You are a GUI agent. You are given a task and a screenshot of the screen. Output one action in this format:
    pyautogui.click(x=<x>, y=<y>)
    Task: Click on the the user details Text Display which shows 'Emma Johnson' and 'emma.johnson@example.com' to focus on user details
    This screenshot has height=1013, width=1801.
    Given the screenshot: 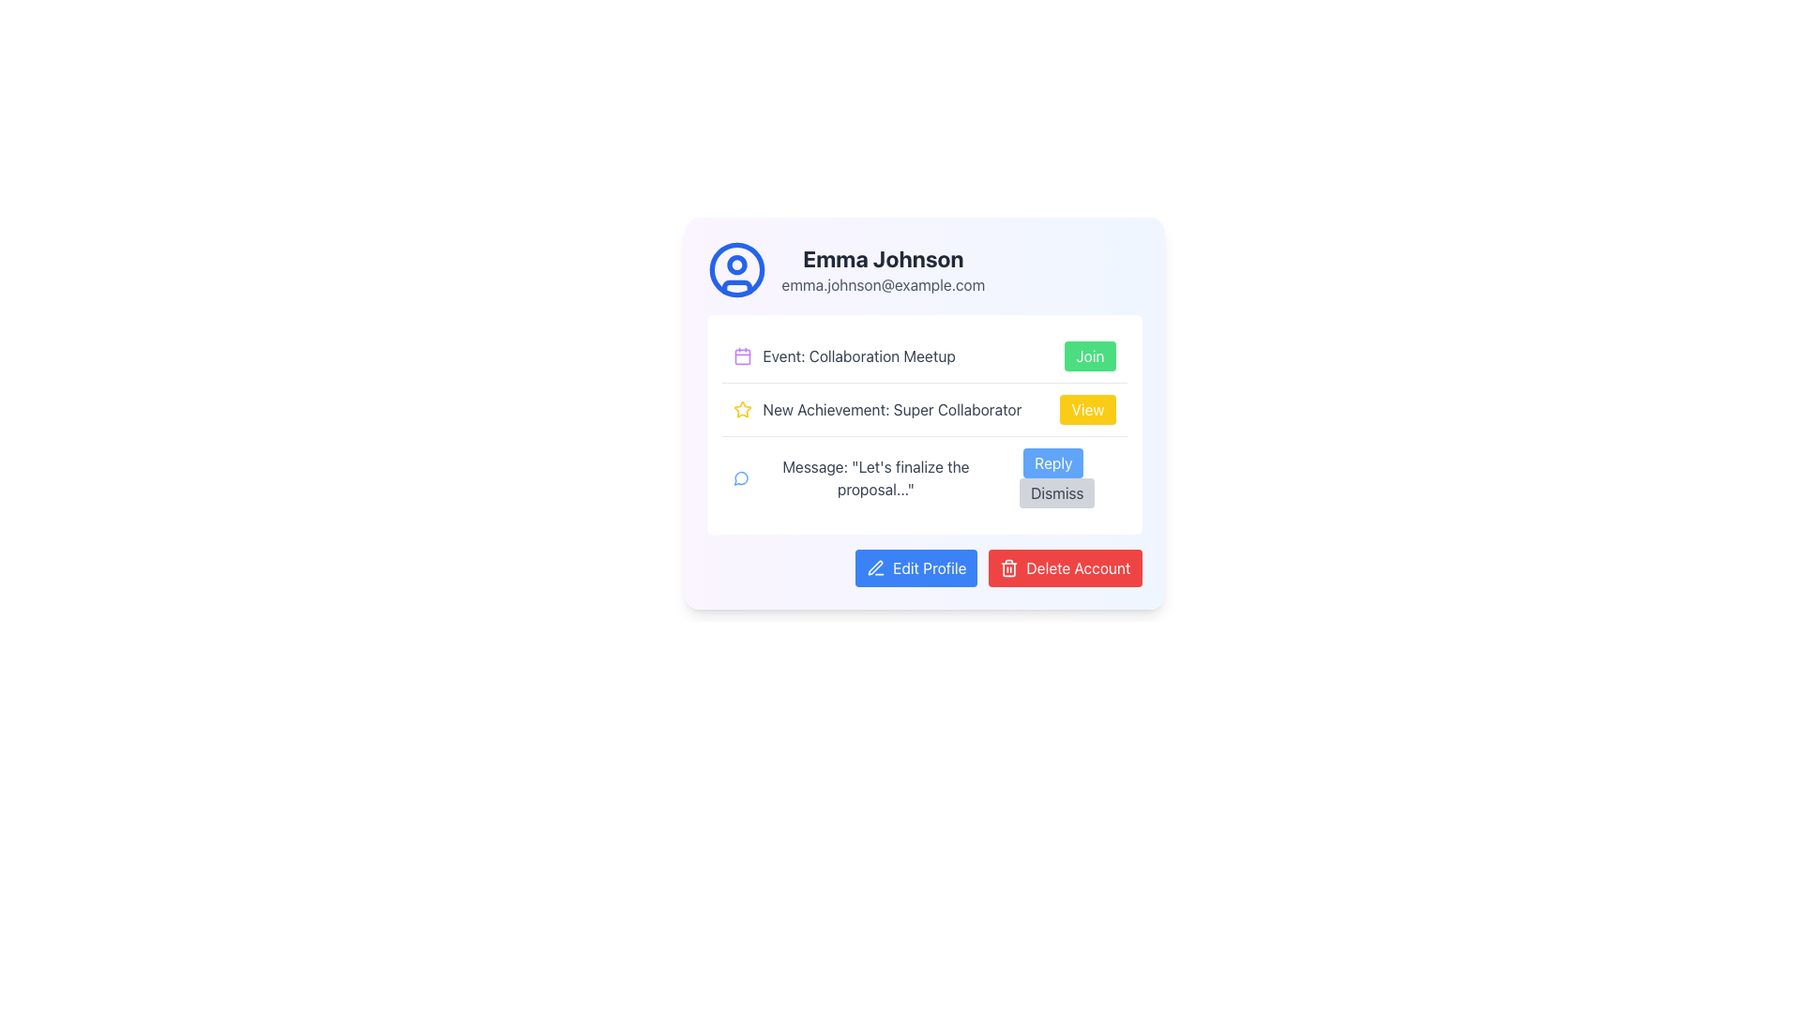 What is the action you would take?
    pyautogui.click(x=882, y=270)
    